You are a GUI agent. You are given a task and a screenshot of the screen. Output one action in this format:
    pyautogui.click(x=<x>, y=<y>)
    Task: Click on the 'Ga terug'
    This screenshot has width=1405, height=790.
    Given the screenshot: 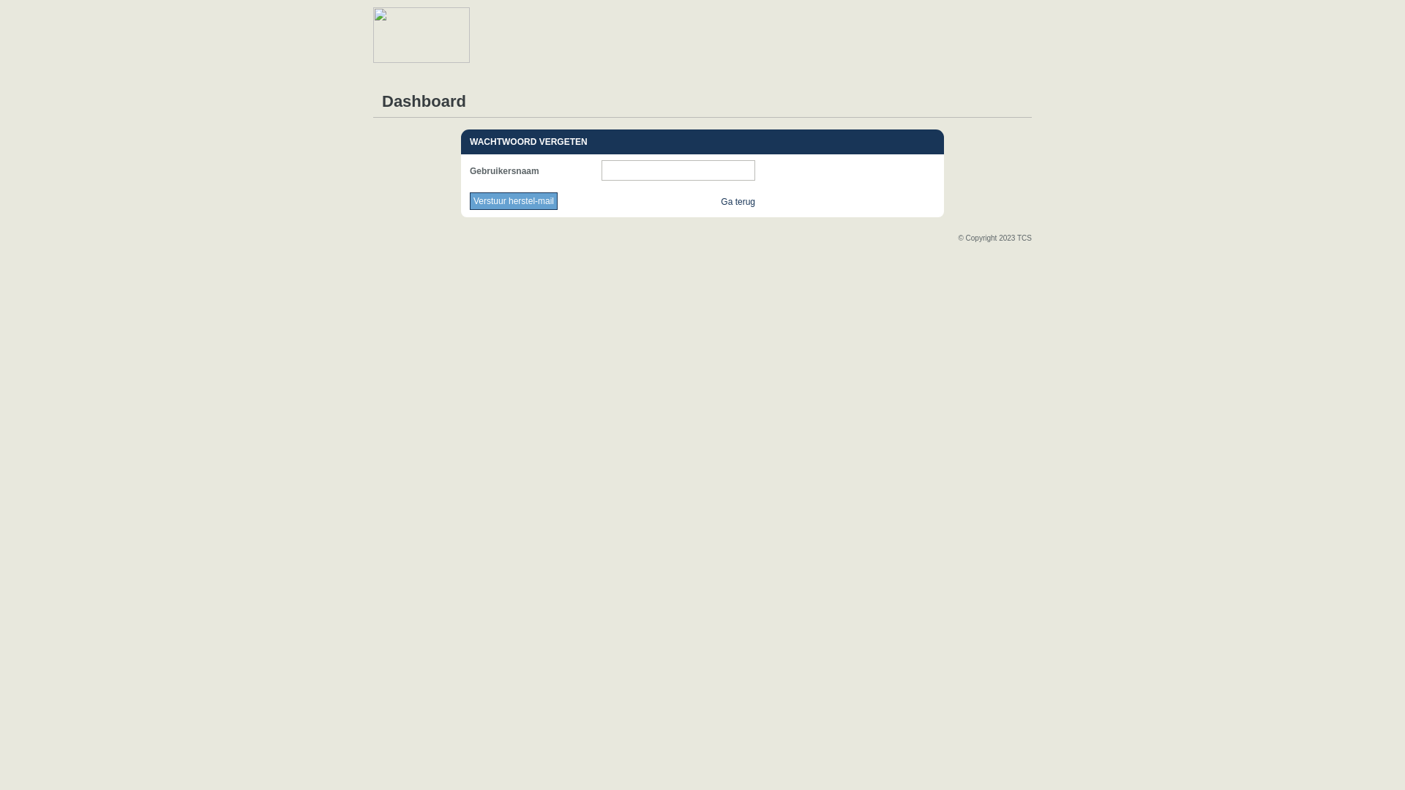 What is the action you would take?
    pyautogui.click(x=738, y=202)
    